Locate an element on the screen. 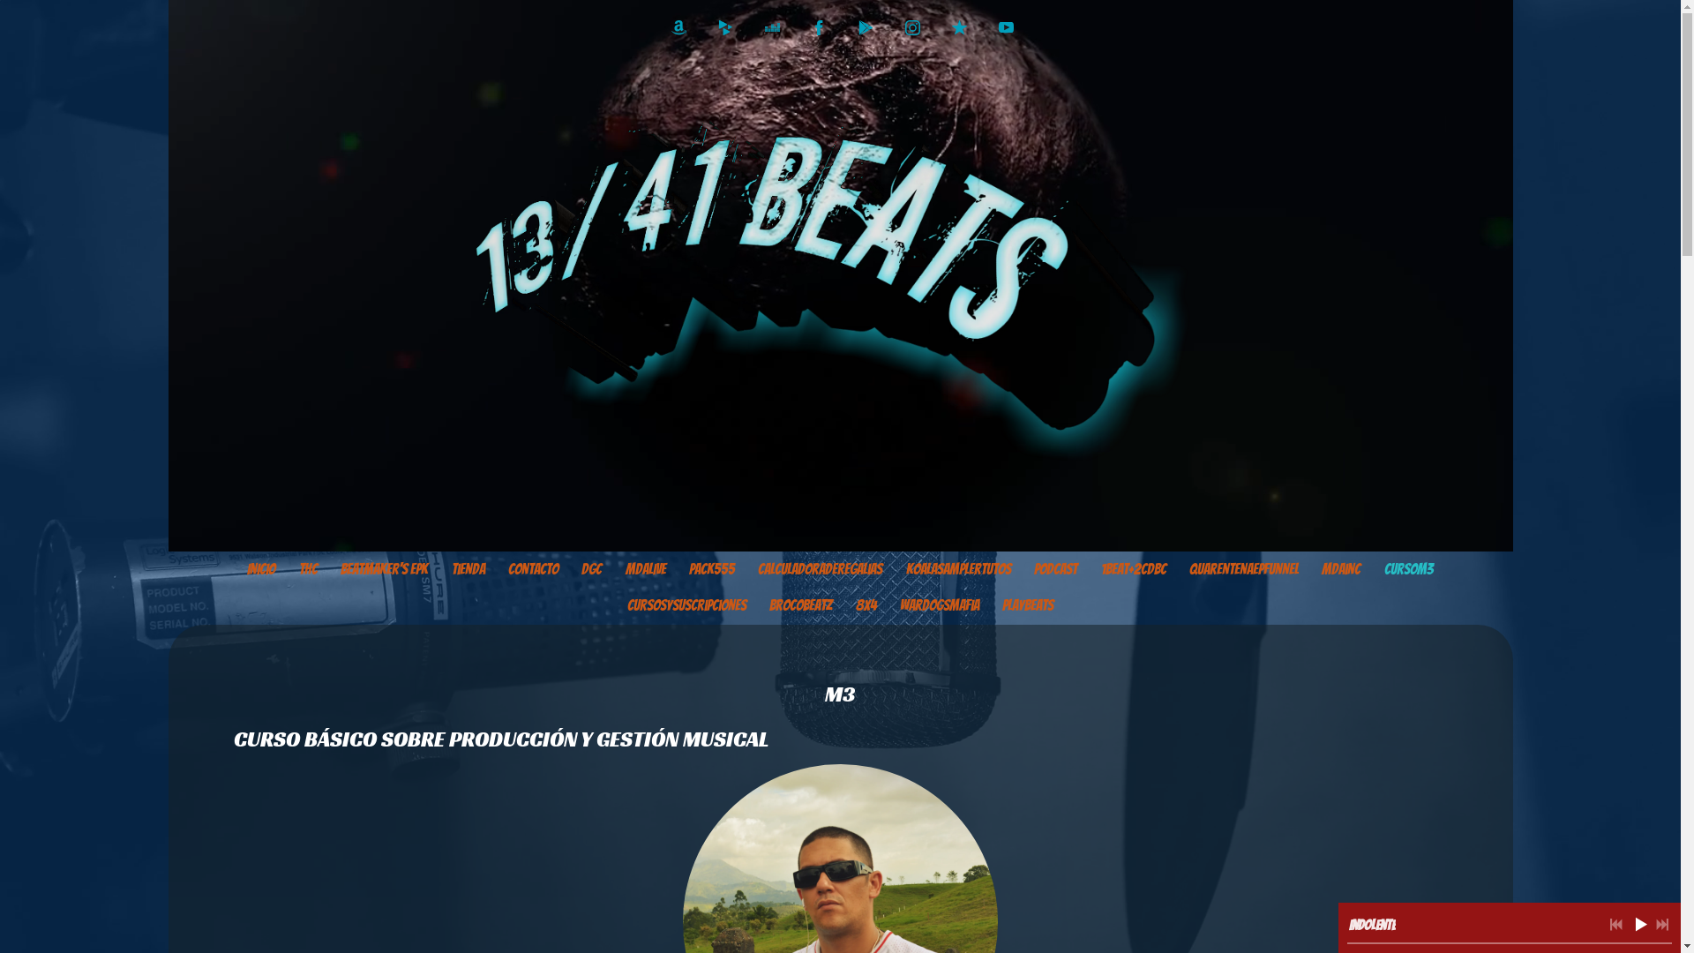 The height and width of the screenshot is (953, 1694). 'thc' is located at coordinates (308, 569).